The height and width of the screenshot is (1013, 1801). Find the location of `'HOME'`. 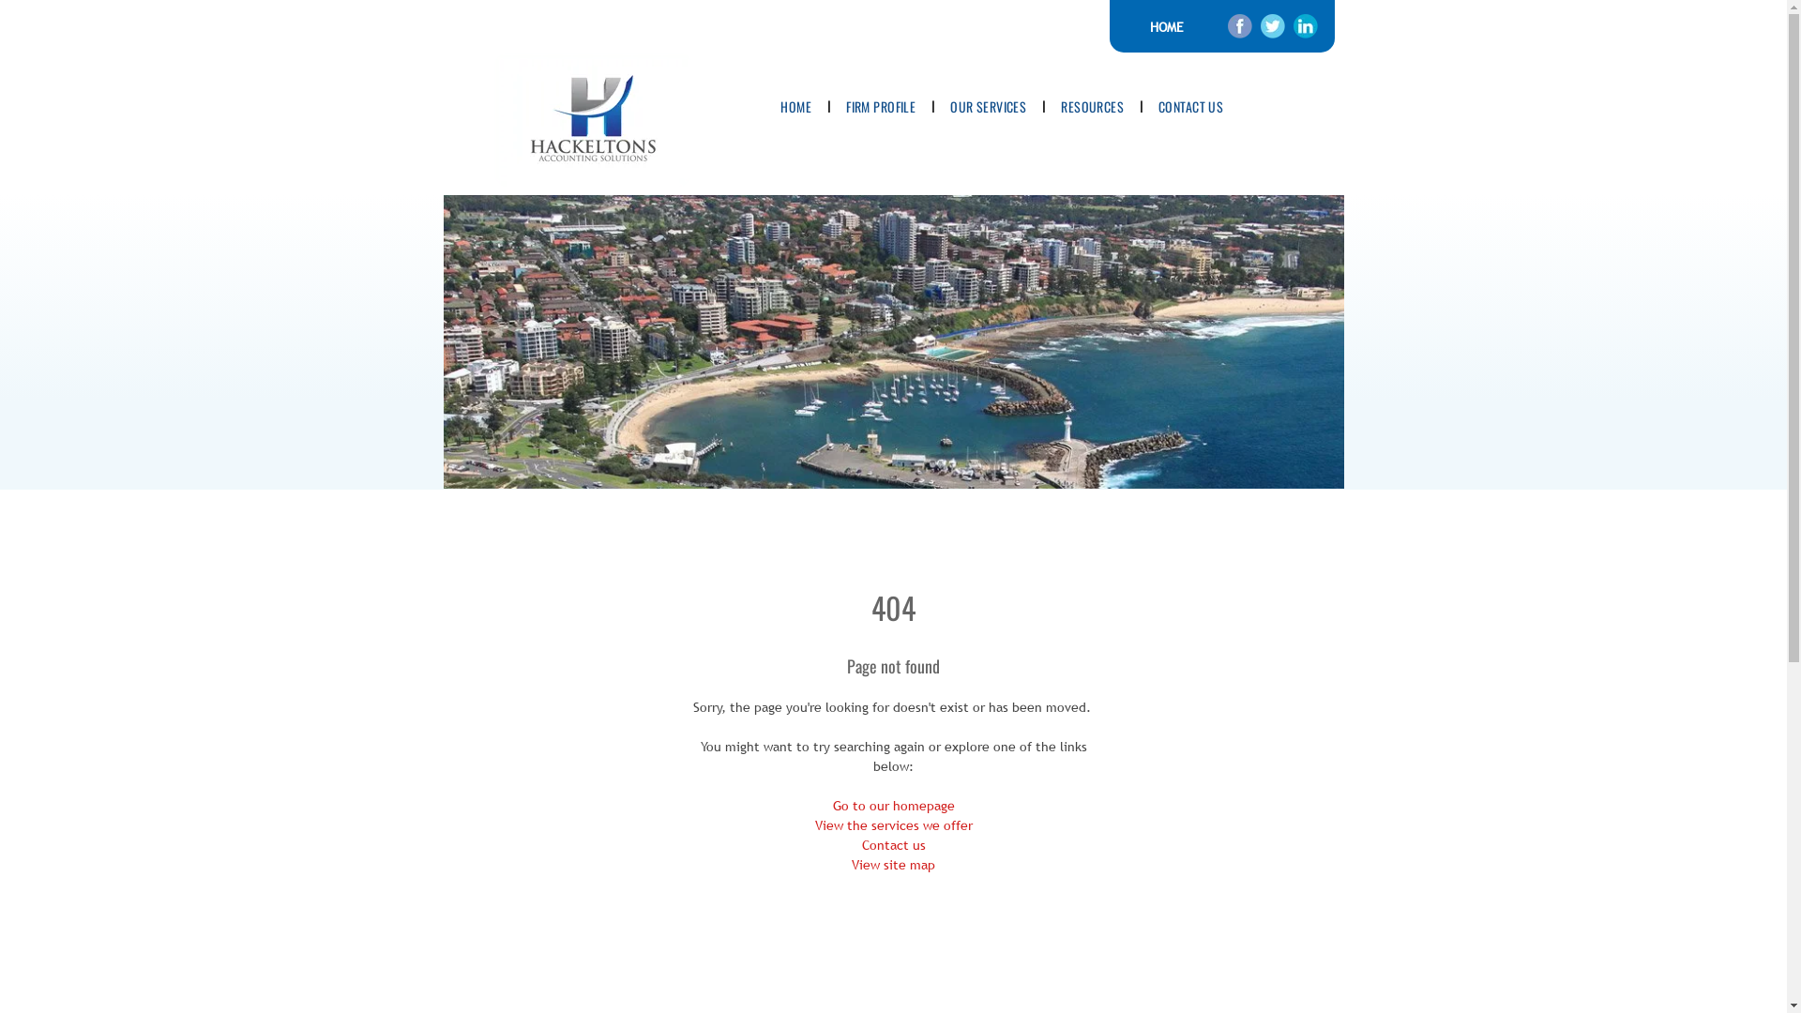

'HOME' is located at coordinates (795, 106).